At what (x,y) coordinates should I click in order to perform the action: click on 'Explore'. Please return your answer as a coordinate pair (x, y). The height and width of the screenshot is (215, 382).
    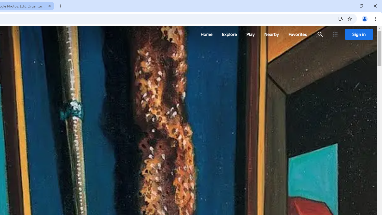
    Looking at the image, I should click on (229, 34).